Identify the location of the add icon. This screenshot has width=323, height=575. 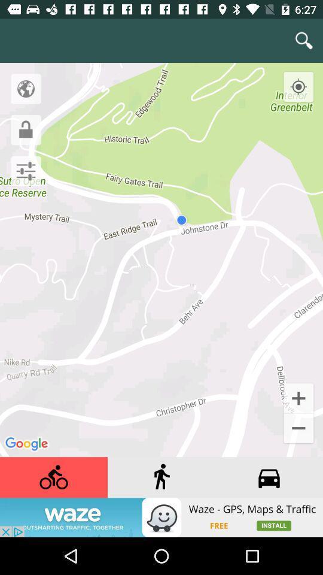
(298, 388).